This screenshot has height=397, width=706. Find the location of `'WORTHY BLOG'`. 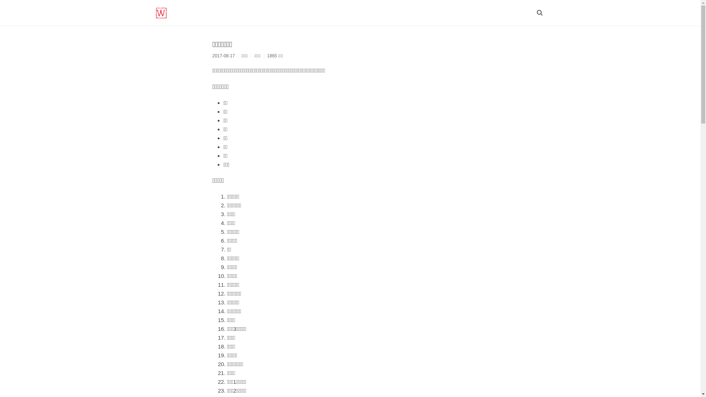

'WORTHY BLOG' is located at coordinates (160, 12).